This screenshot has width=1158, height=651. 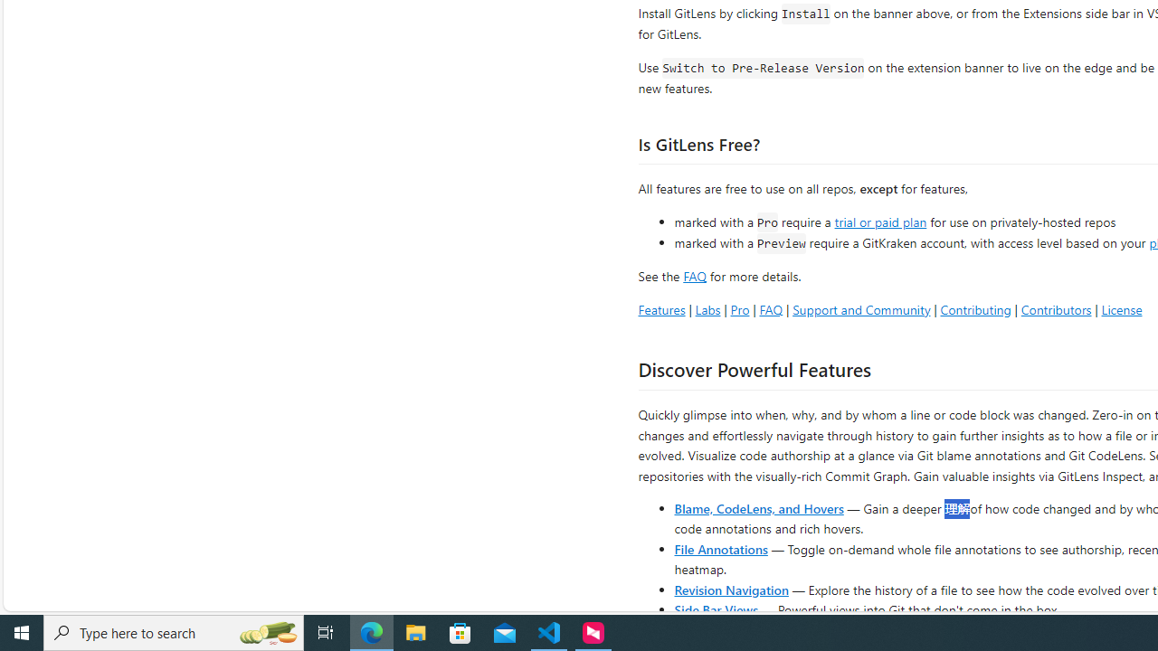 What do you see at coordinates (759, 507) in the screenshot?
I see `'Blame, CodeLens, and Hovers'` at bounding box center [759, 507].